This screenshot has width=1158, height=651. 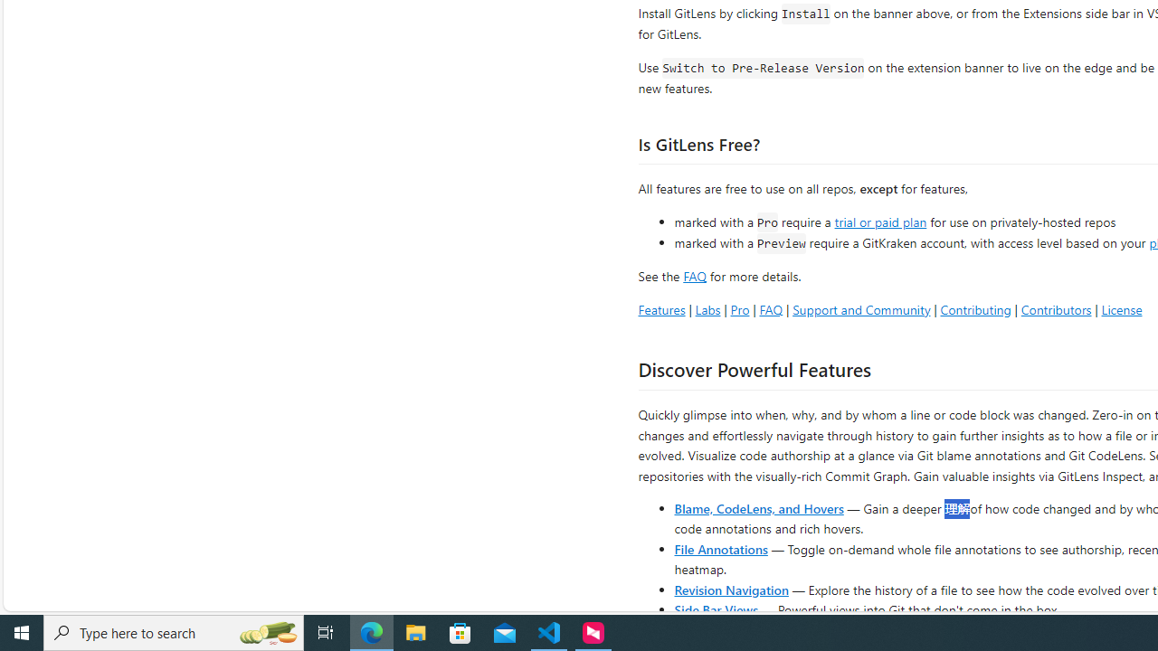 What do you see at coordinates (759, 507) in the screenshot?
I see `'Blame, CodeLens, and Hovers'` at bounding box center [759, 507].